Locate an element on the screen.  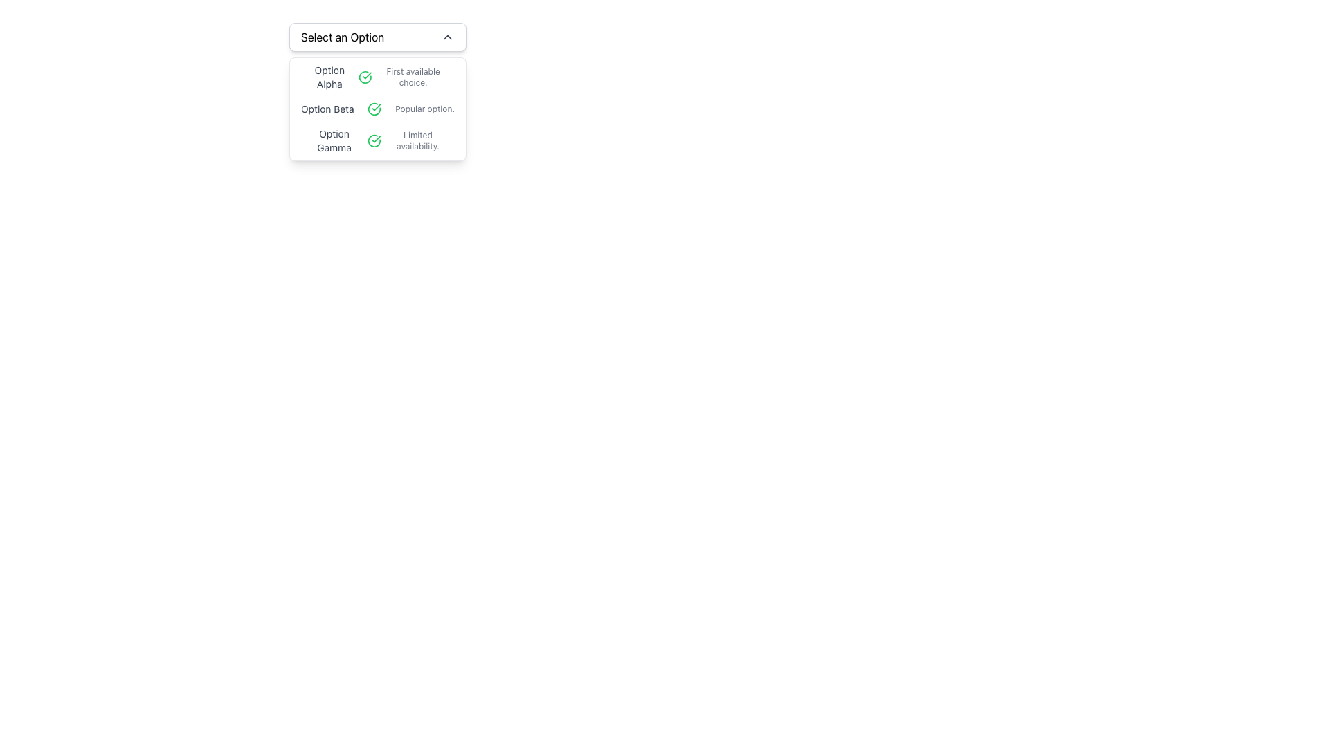
the first item 'Option Alpha' in the dropdown list is located at coordinates (378, 77).